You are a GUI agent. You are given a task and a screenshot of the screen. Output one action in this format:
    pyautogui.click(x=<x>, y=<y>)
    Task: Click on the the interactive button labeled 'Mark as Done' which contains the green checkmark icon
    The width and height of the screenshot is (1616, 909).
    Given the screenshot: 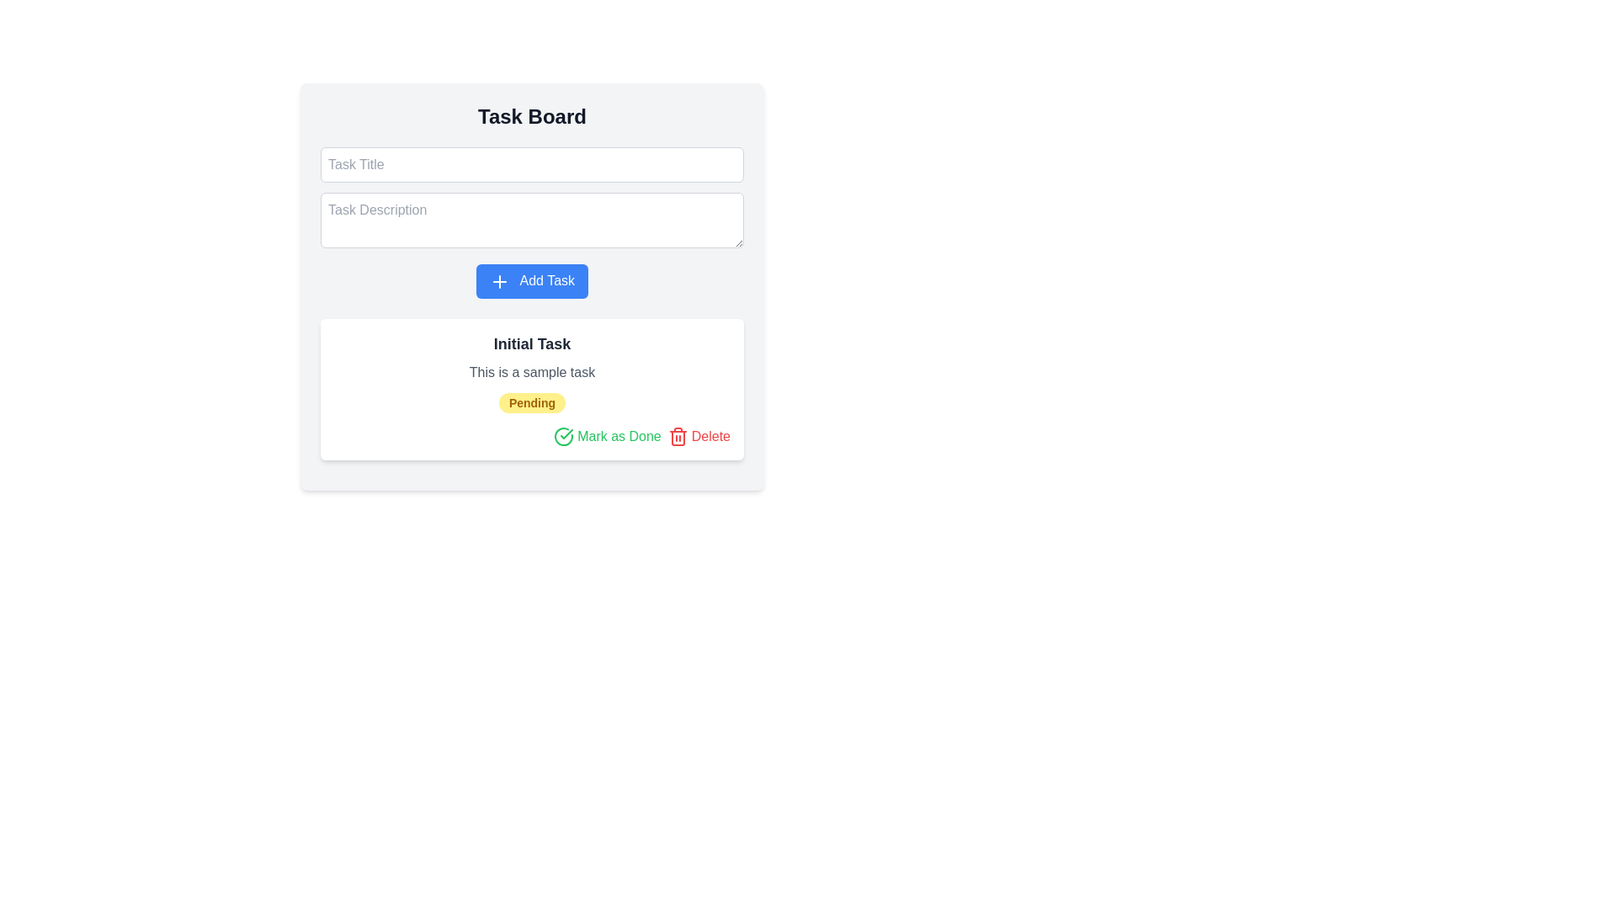 What is the action you would take?
    pyautogui.click(x=566, y=433)
    